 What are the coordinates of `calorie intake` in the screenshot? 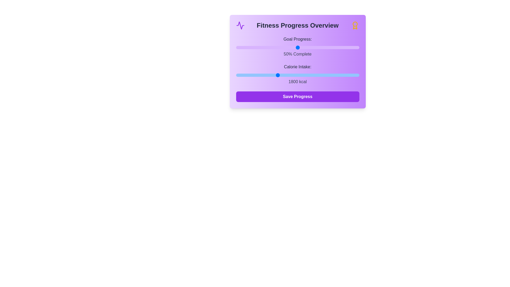 It's located at (272, 75).